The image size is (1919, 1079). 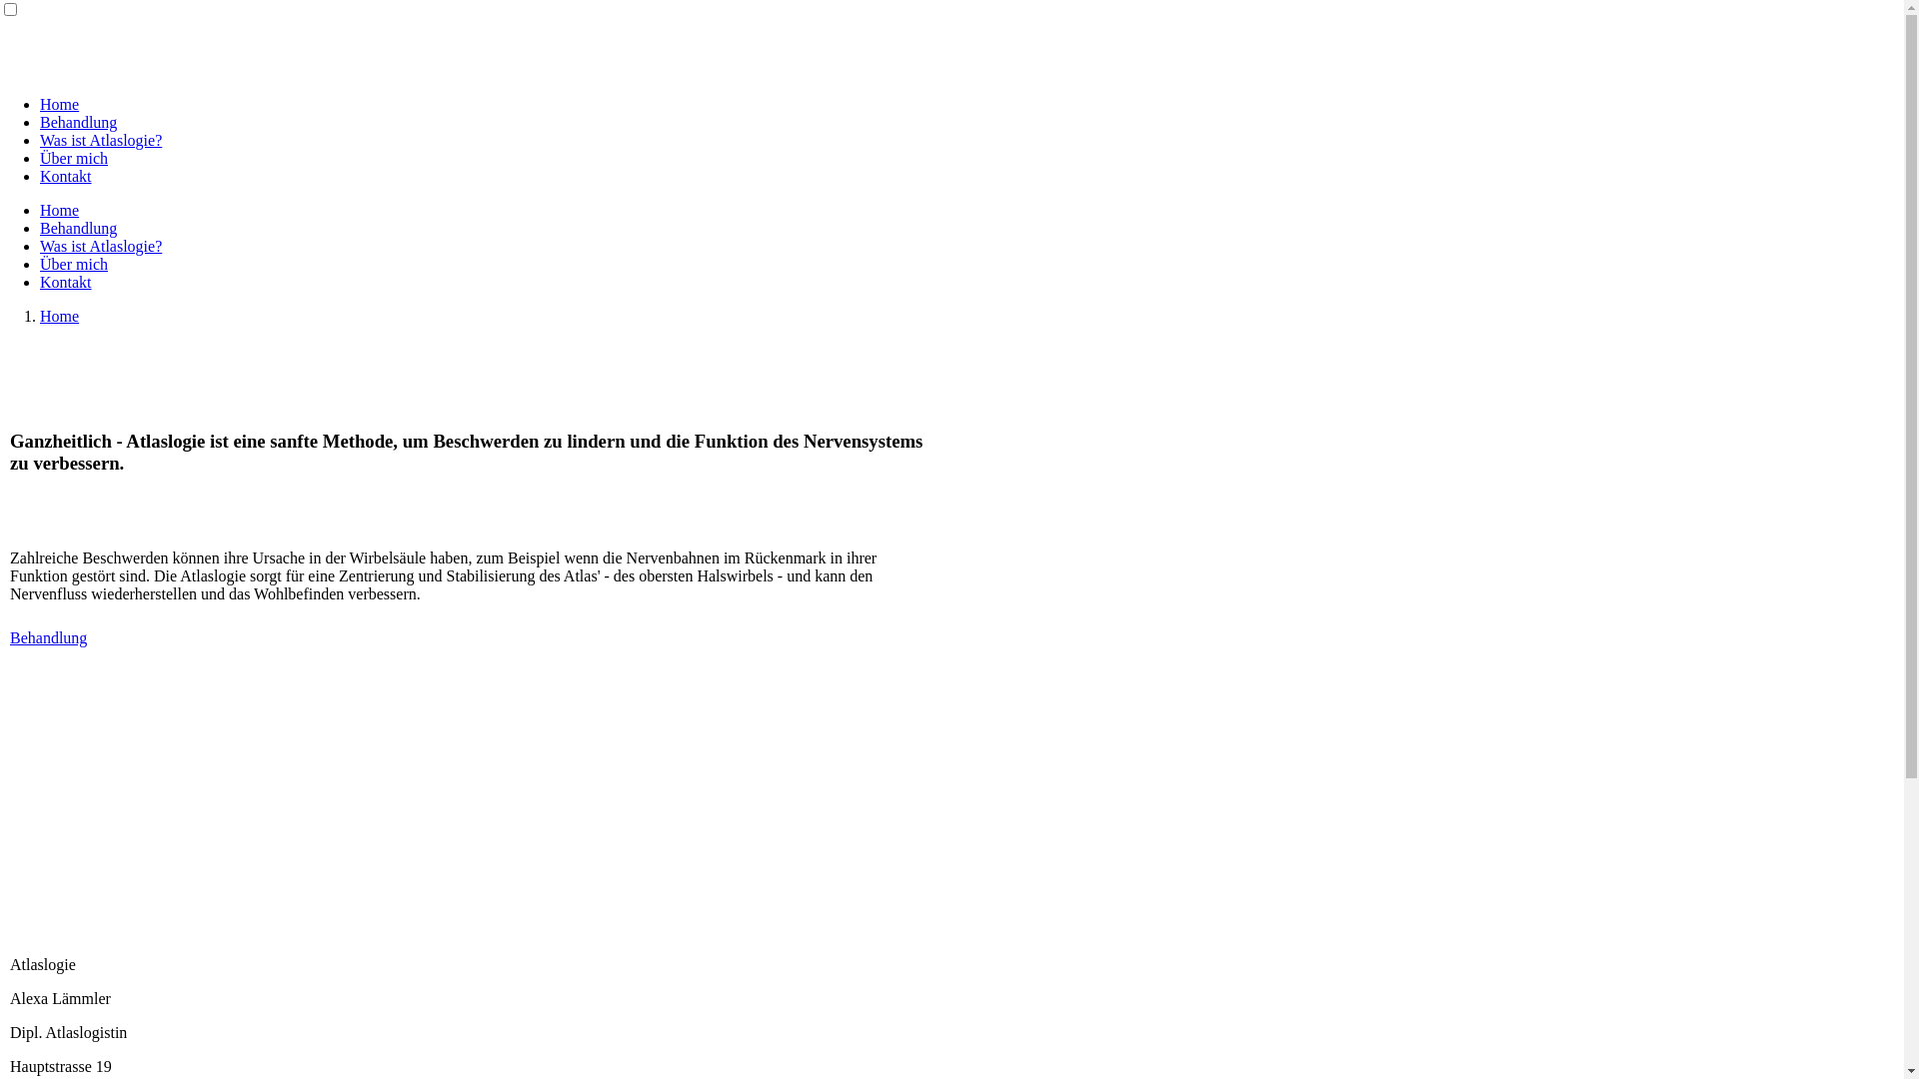 What do you see at coordinates (48, 637) in the screenshot?
I see `'Behandlung'` at bounding box center [48, 637].